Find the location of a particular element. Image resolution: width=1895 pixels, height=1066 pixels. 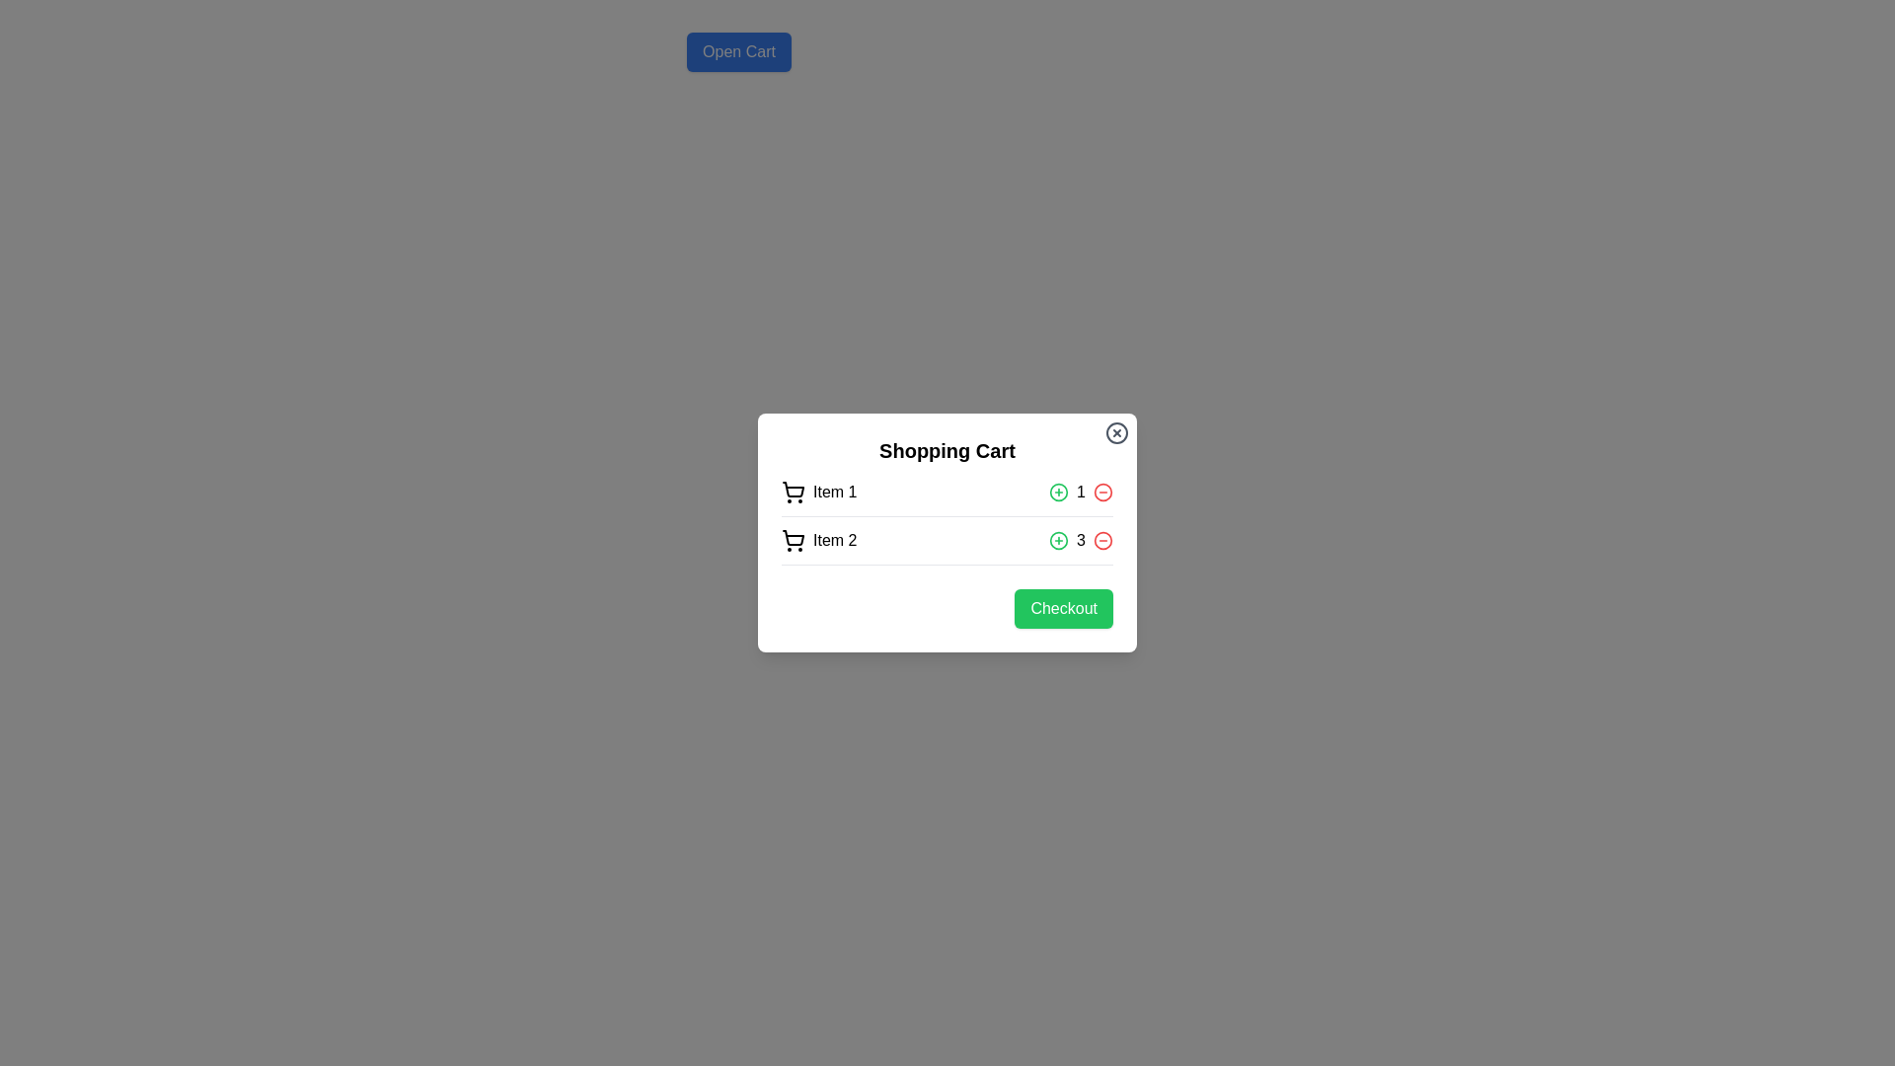

the circular element with a minus symbol in the shopping cart dialog for 'Item 2' is located at coordinates (1102, 540).